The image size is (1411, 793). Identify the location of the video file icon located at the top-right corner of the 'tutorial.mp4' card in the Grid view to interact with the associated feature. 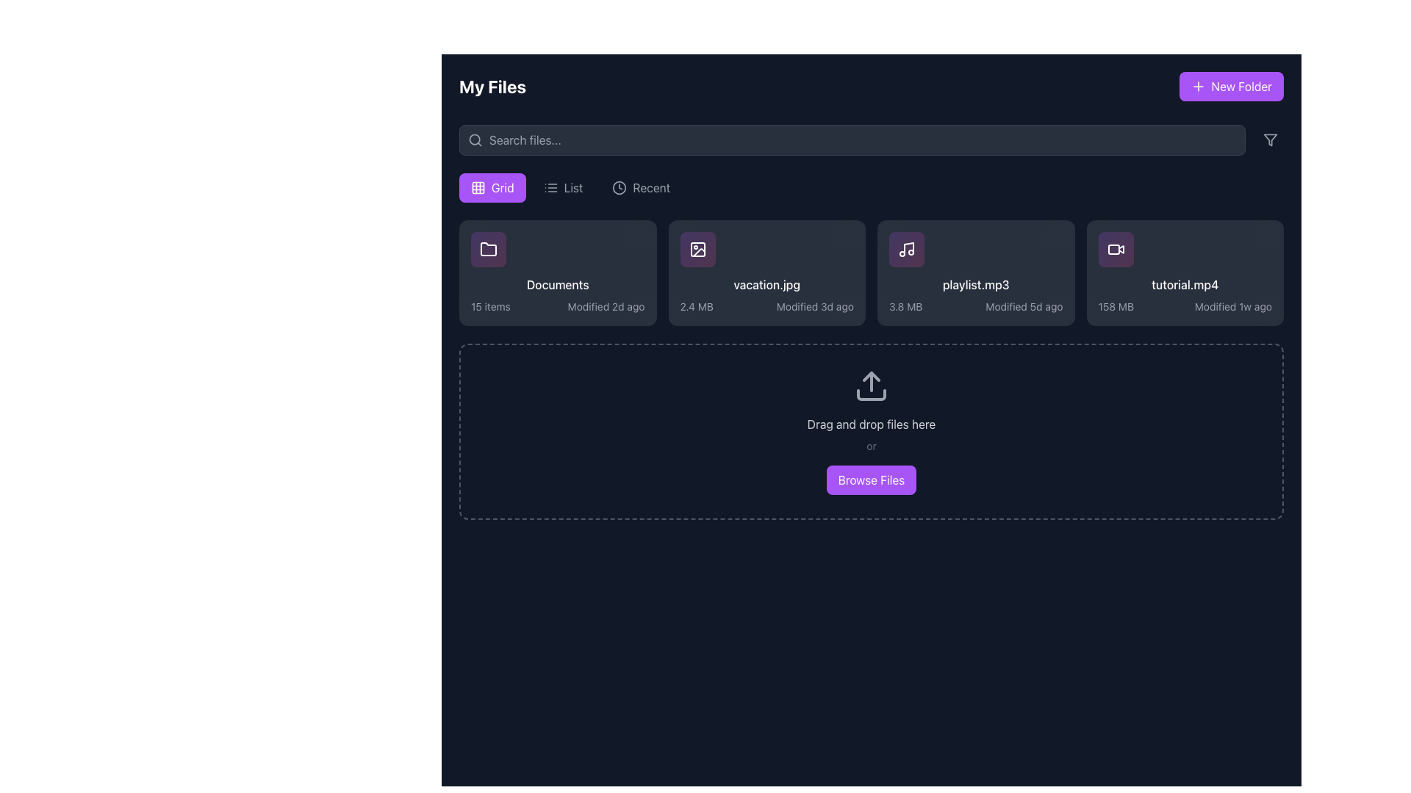
(1116, 248).